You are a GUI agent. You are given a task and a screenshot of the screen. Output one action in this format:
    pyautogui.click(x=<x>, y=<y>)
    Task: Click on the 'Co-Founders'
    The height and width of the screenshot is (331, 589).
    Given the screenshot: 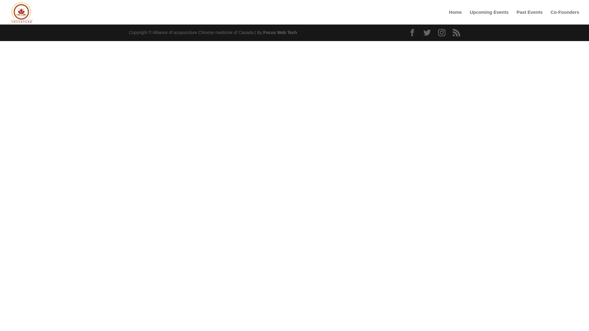 What is the action you would take?
    pyautogui.click(x=564, y=17)
    